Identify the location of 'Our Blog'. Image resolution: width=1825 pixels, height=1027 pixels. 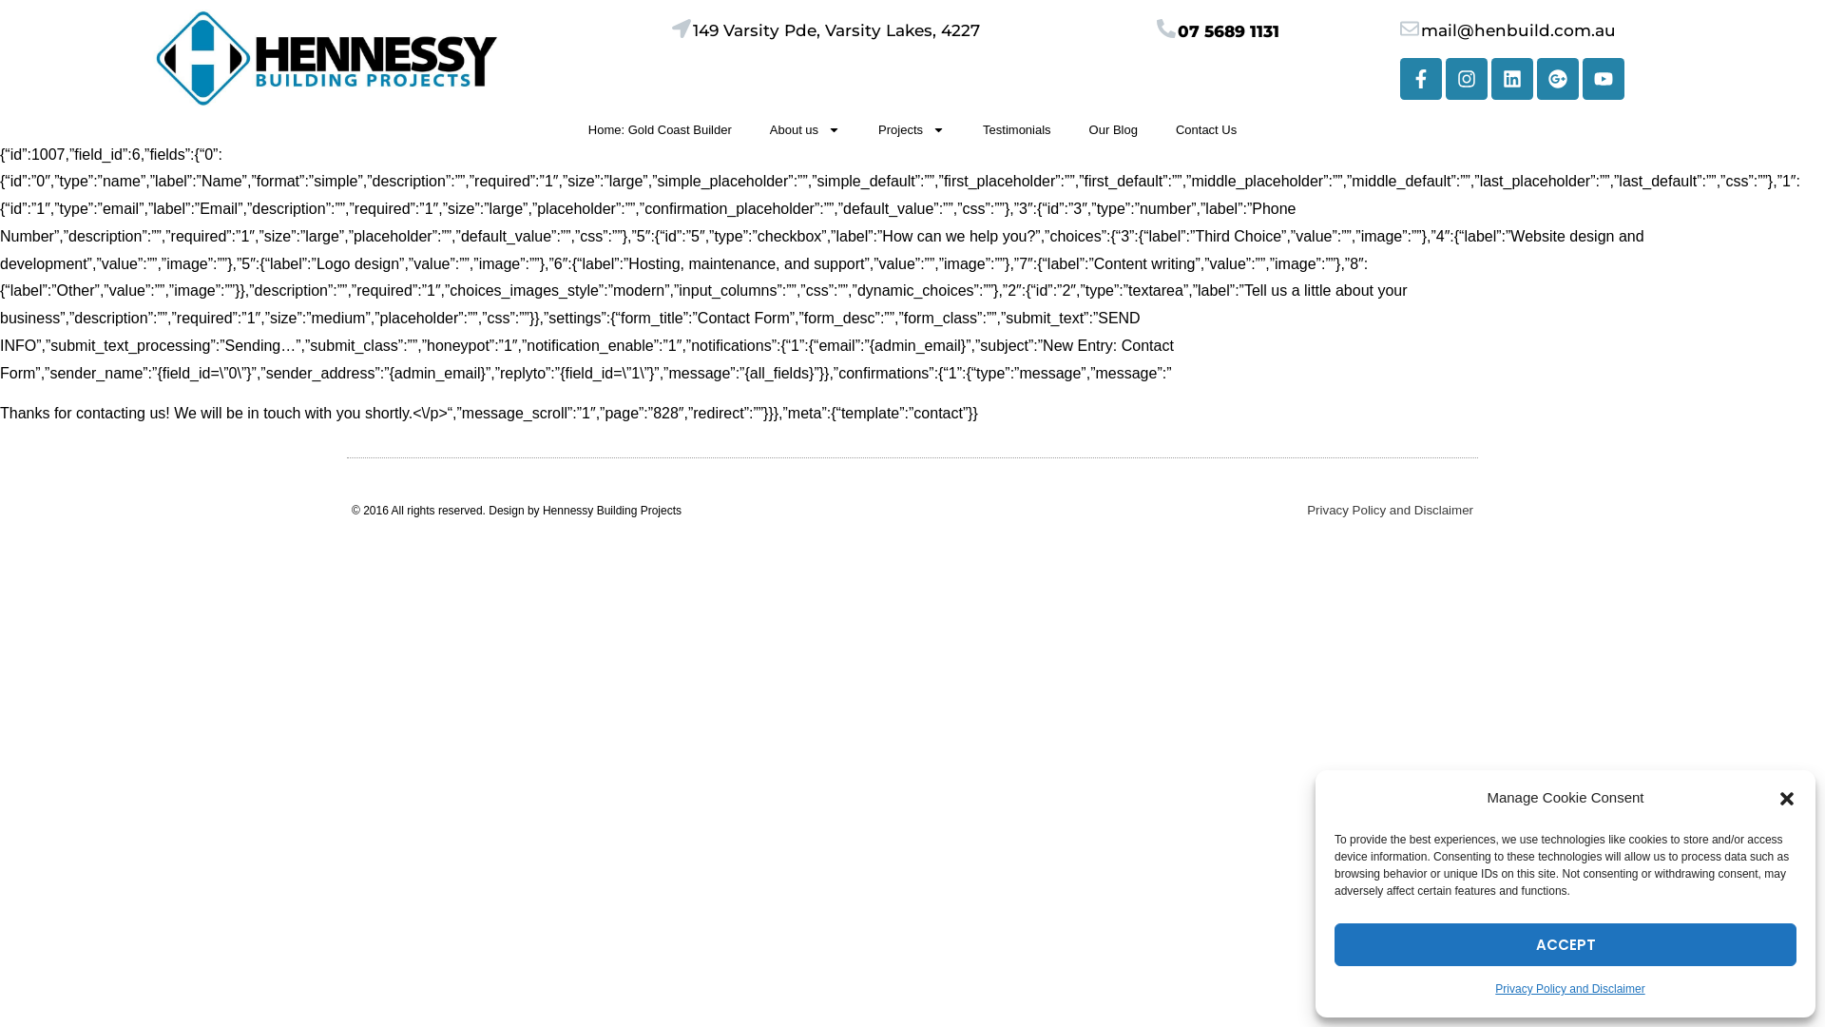
(1113, 128).